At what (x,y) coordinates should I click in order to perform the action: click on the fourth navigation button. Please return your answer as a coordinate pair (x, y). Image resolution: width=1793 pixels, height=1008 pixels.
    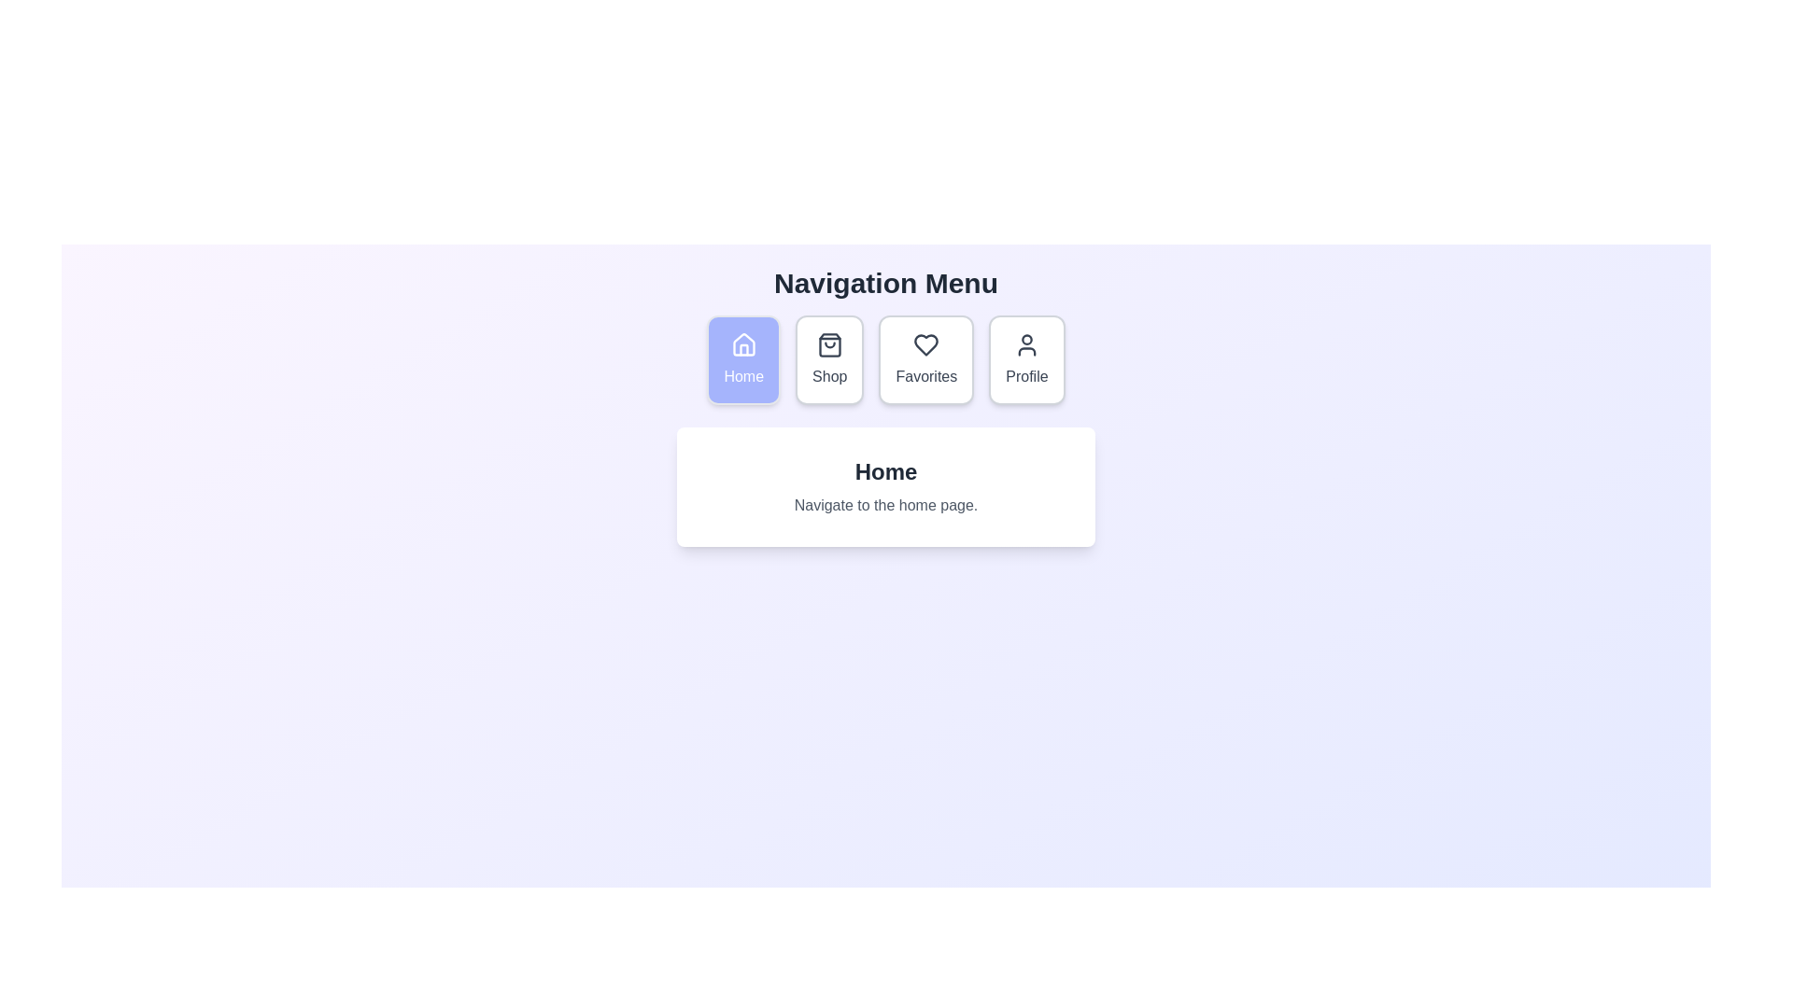
    Looking at the image, I should click on (1025, 359).